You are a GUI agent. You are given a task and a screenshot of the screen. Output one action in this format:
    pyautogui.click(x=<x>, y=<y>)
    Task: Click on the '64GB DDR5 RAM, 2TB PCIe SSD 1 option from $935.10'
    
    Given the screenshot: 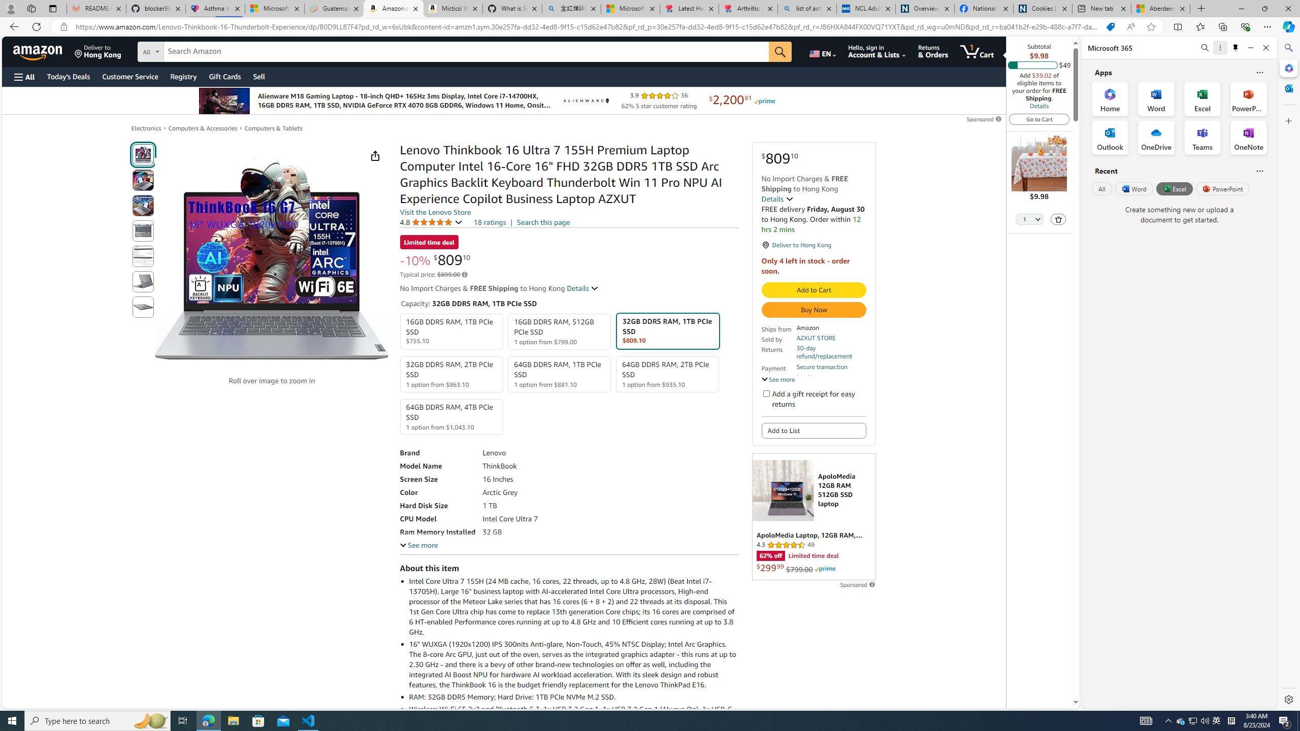 What is the action you would take?
    pyautogui.click(x=667, y=374)
    